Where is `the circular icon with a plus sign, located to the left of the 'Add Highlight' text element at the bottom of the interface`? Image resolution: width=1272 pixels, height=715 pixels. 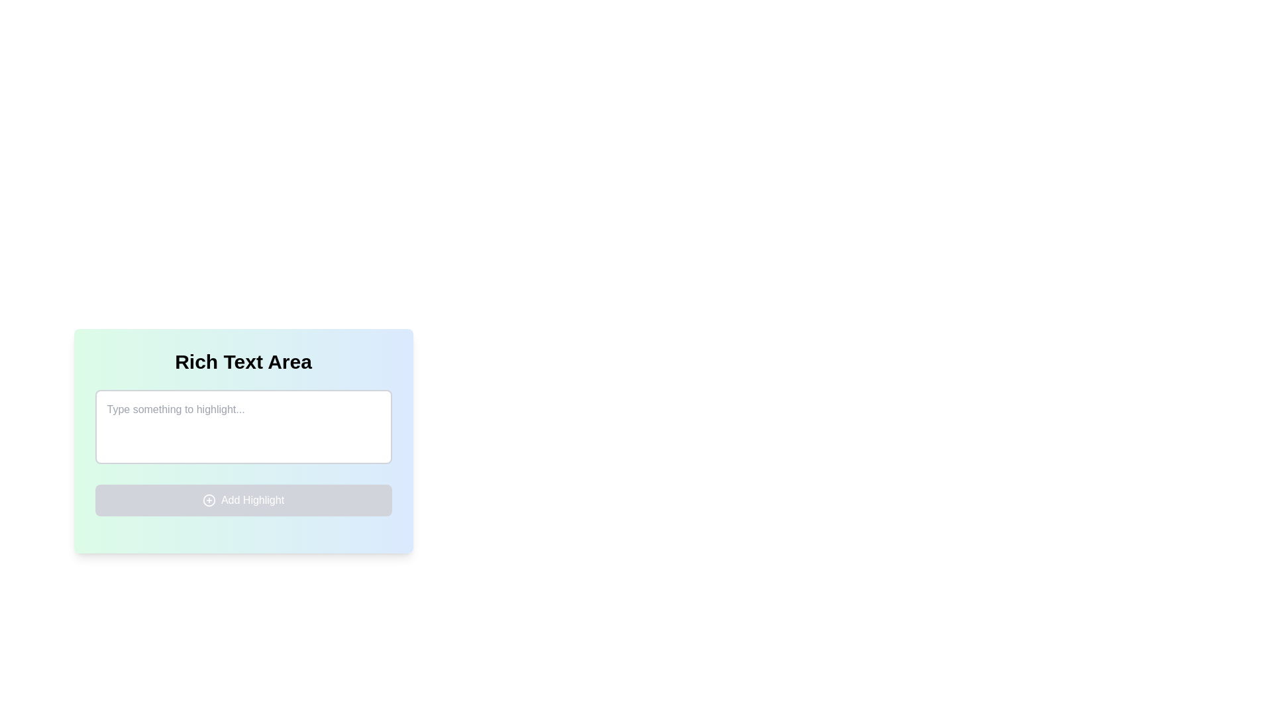
the circular icon with a plus sign, located to the left of the 'Add Highlight' text element at the bottom of the interface is located at coordinates (208, 501).